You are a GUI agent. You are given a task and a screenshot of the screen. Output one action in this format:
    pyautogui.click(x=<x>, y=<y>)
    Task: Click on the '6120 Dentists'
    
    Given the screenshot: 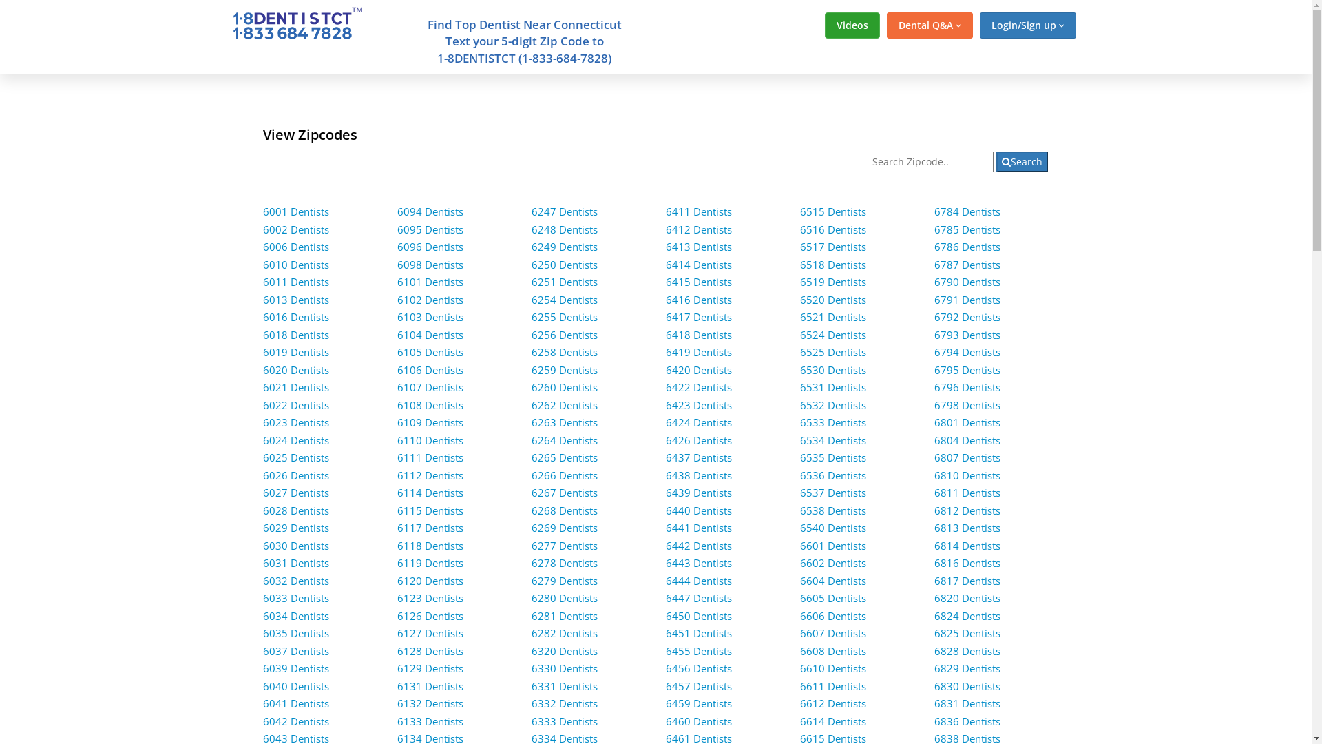 What is the action you would take?
    pyautogui.click(x=429, y=581)
    